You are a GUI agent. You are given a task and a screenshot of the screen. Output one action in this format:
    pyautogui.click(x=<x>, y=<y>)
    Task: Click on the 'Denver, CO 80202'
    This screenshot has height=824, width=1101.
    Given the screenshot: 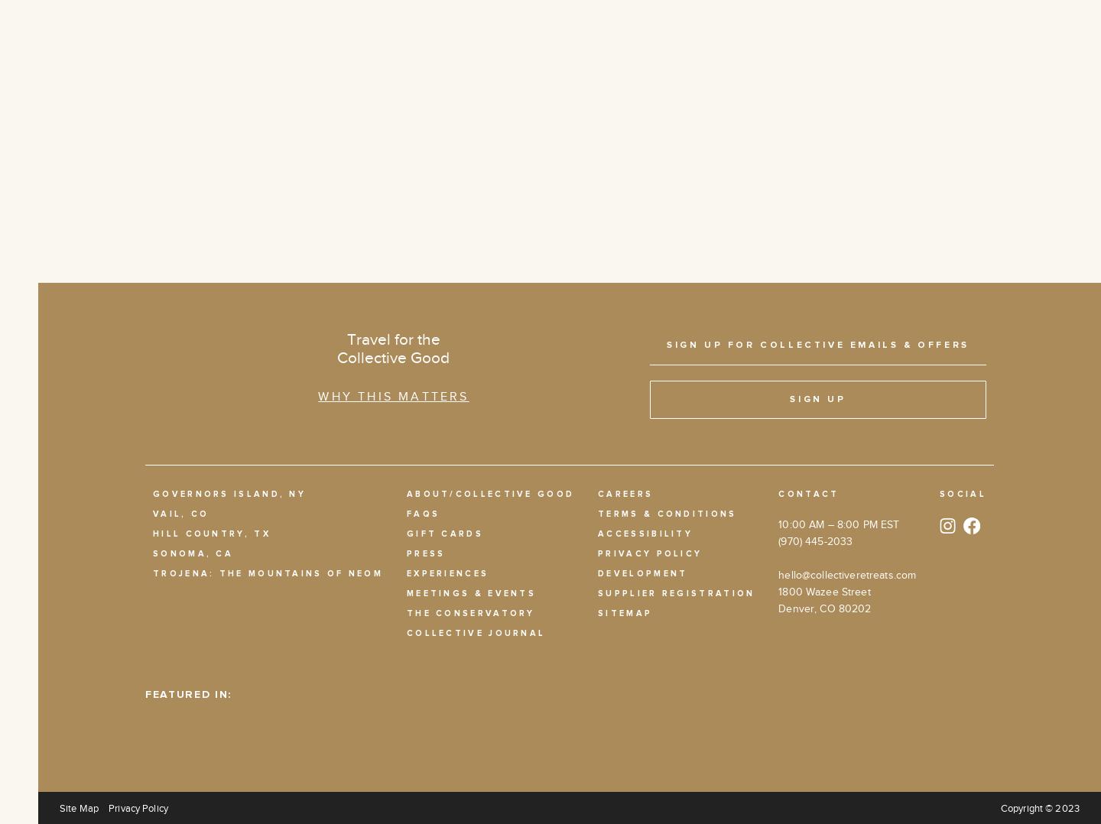 What is the action you would take?
    pyautogui.click(x=824, y=607)
    